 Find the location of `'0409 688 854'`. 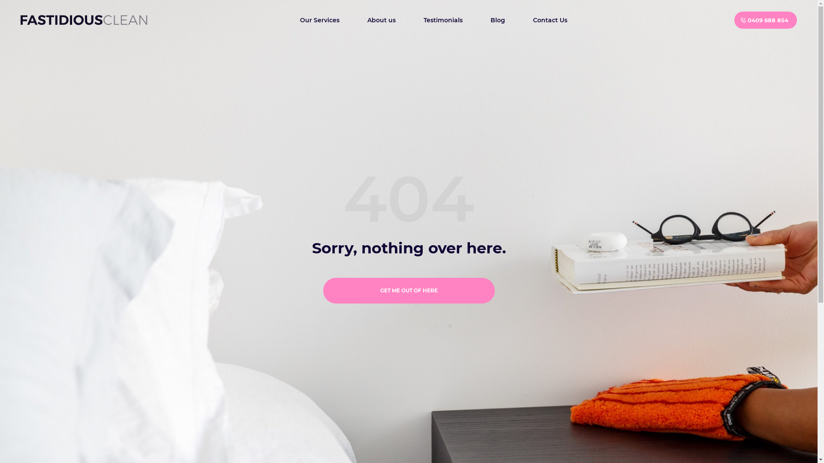

'0409 688 854' is located at coordinates (766, 19).